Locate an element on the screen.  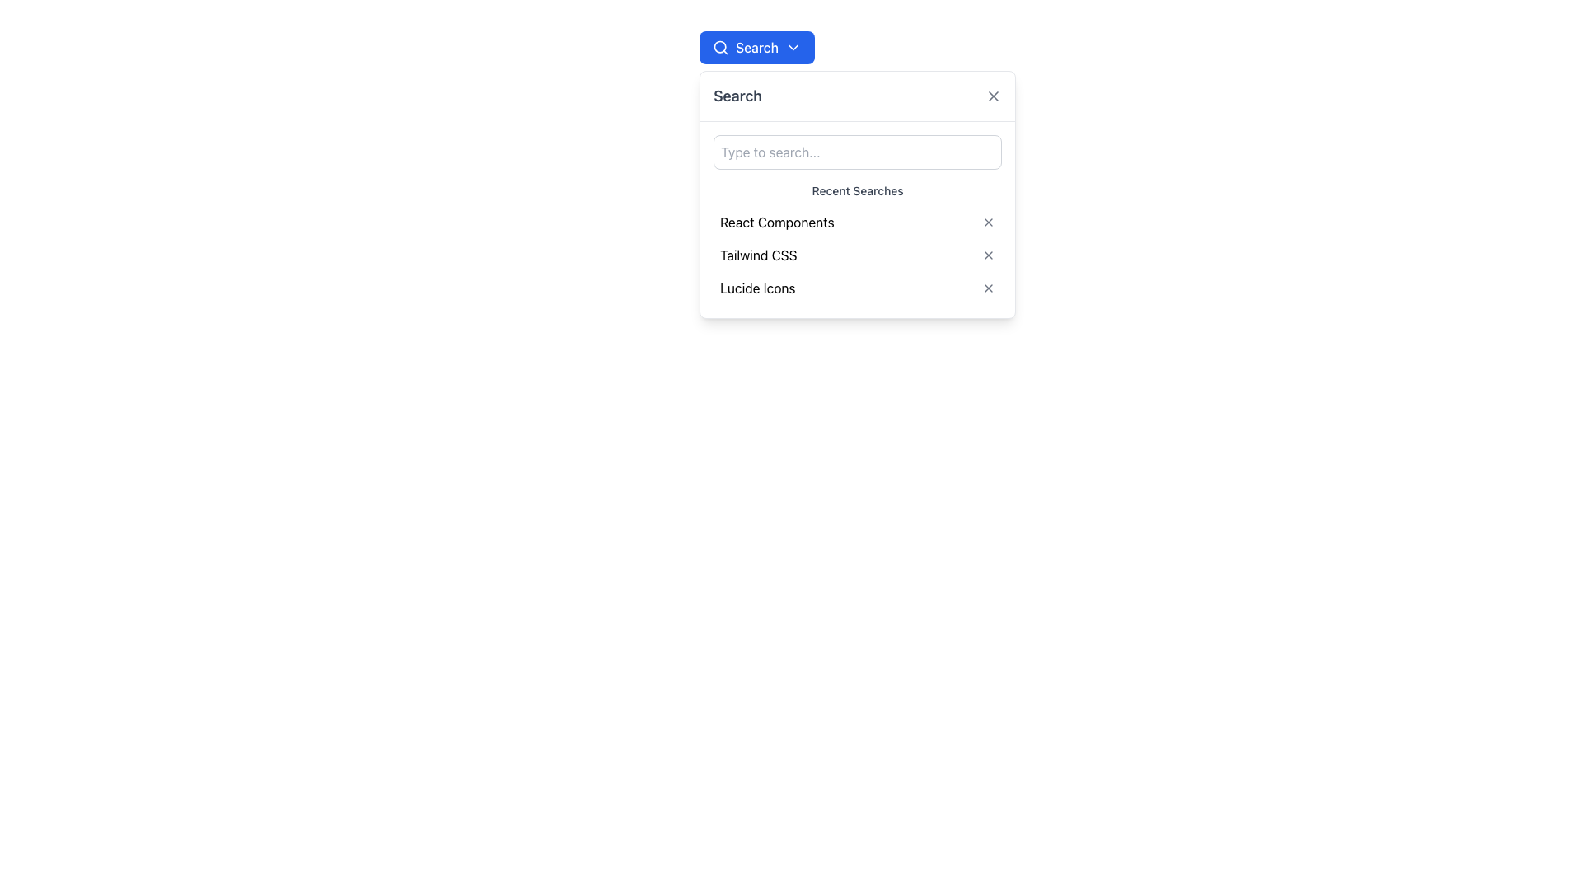
the search icon within the 'Search' button, which features a blue background and rounded corners, located in the top-left area of the interface is located at coordinates (721, 46).